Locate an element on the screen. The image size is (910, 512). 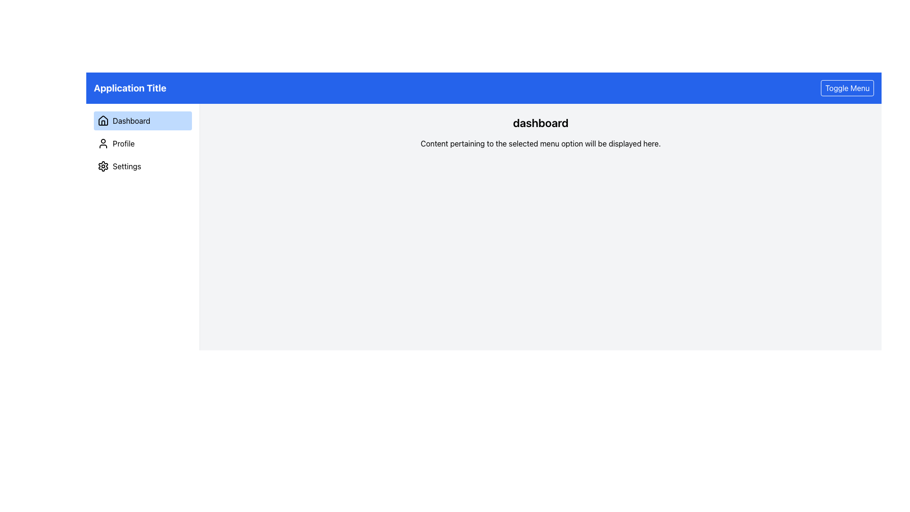
the 'Dashboard' navigation button located in the vertical menu on the left side of the interface to observe hover effects is located at coordinates (142, 120).